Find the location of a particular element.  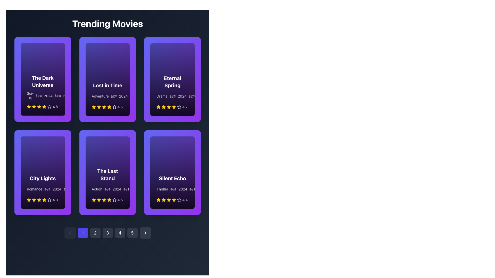

the text label displaying the year '2024' associated with the movie 'Lost in Time' in the second card of the first row of a movie grid layout is located at coordinates (123, 96).